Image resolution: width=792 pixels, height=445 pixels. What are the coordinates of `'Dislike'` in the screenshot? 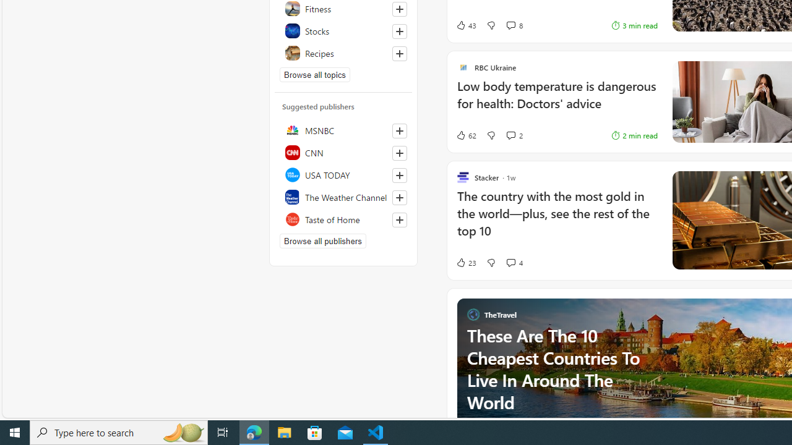 It's located at (490, 262).